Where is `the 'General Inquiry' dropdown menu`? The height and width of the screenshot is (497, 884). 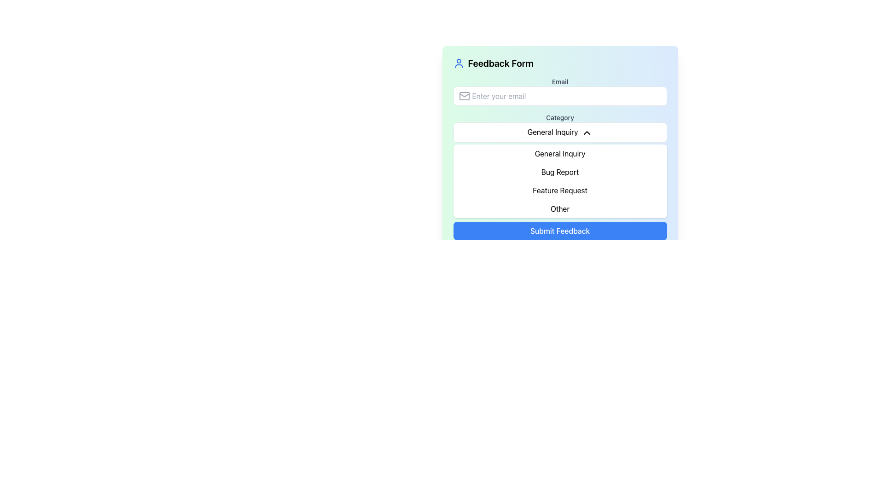
the 'General Inquiry' dropdown menu is located at coordinates (559, 132).